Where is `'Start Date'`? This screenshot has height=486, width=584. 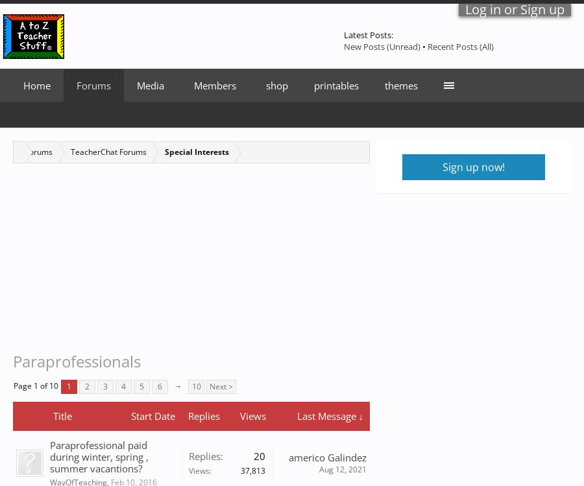 'Start Date' is located at coordinates (152, 416).